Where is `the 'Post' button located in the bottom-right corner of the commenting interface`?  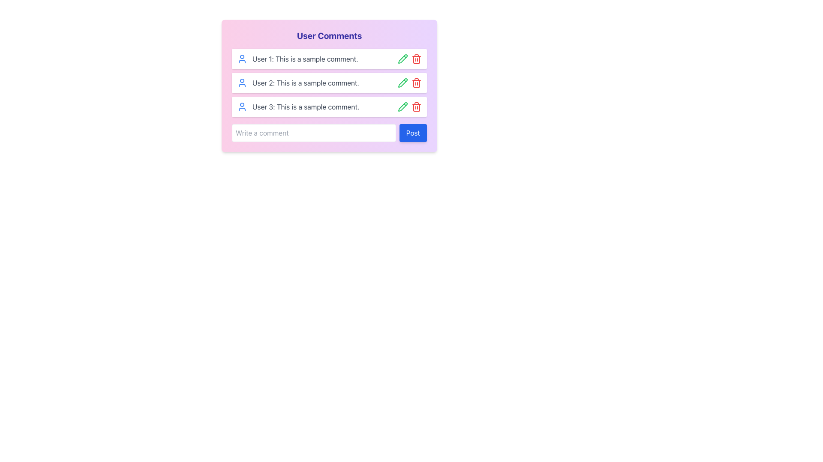 the 'Post' button located in the bottom-right corner of the commenting interface is located at coordinates (413, 133).